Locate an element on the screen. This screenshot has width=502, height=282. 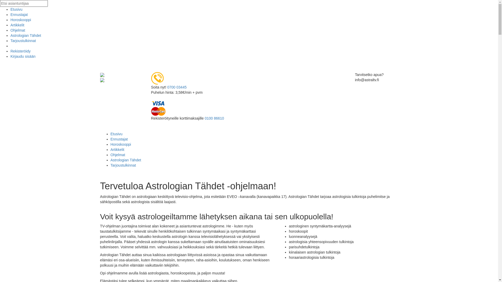
'0700 03445' is located at coordinates (177, 87).